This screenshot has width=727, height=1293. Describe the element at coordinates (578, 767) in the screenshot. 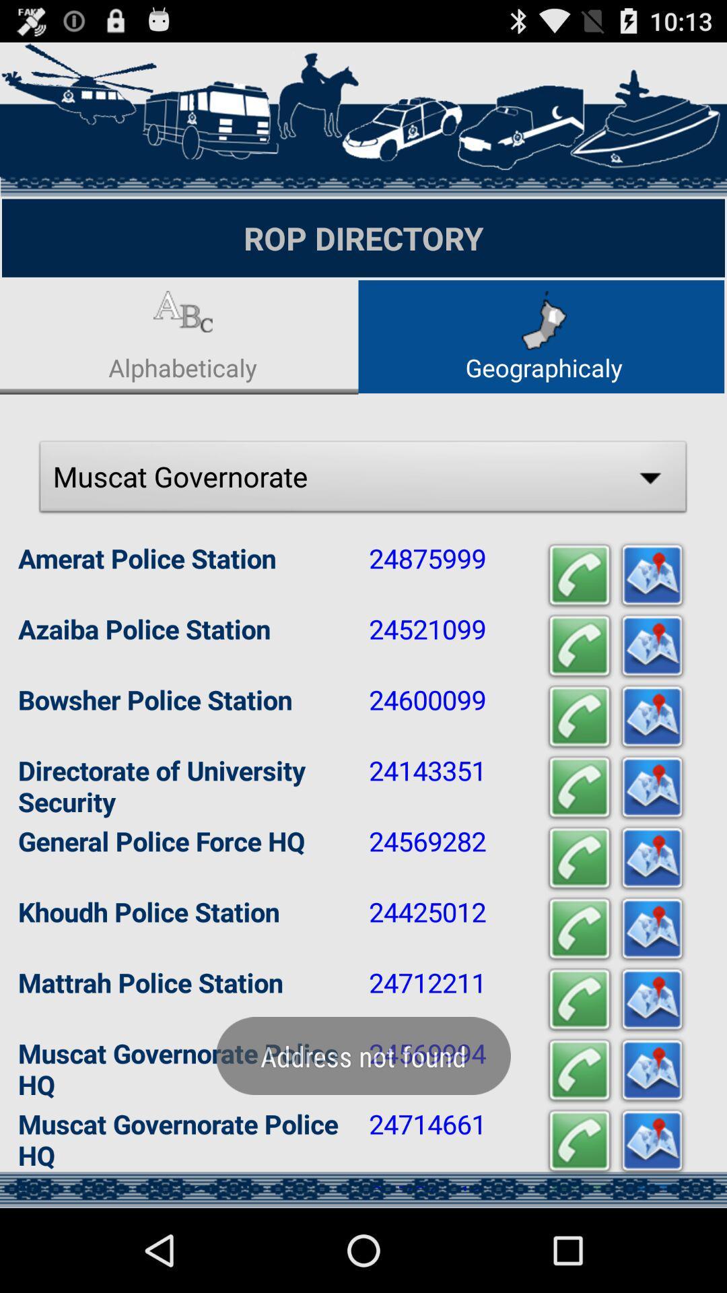

I see `the call icon` at that location.